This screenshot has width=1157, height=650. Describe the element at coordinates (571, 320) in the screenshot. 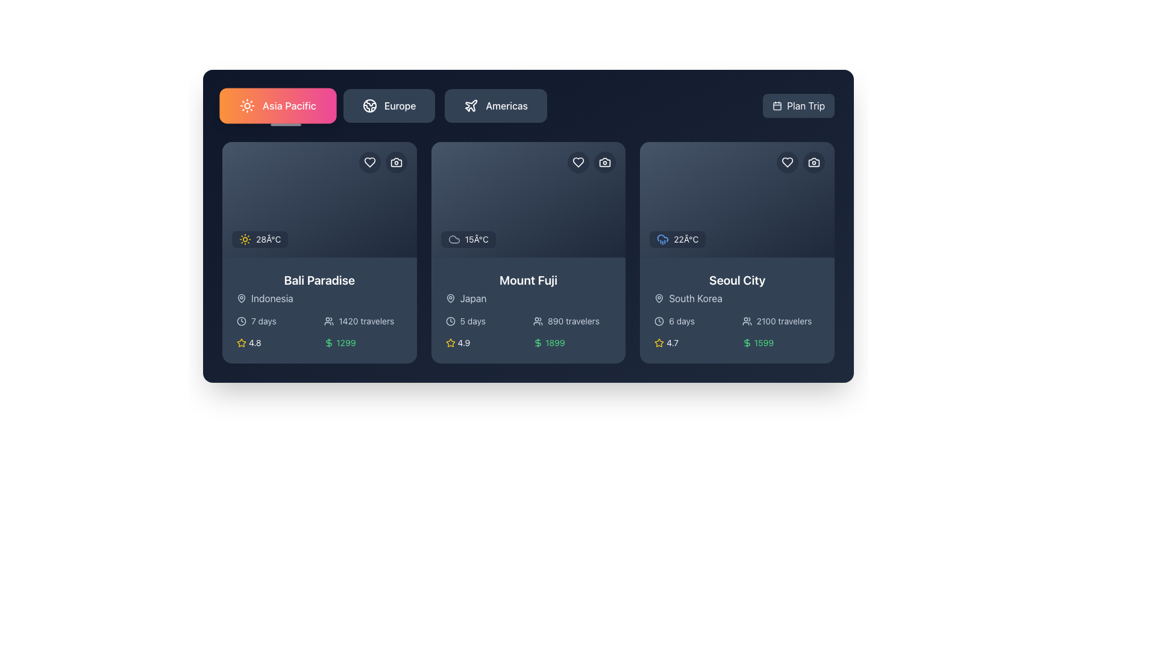

I see `information displayed in the Text Label with Icon located under the 'Mount Fuji' card, which indicates the number of travelers associated with the destination` at that location.